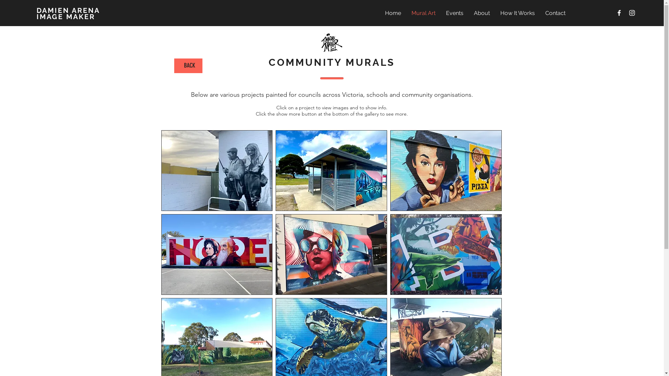 The height and width of the screenshot is (376, 669). What do you see at coordinates (393, 13) in the screenshot?
I see `'Home'` at bounding box center [393, 13].